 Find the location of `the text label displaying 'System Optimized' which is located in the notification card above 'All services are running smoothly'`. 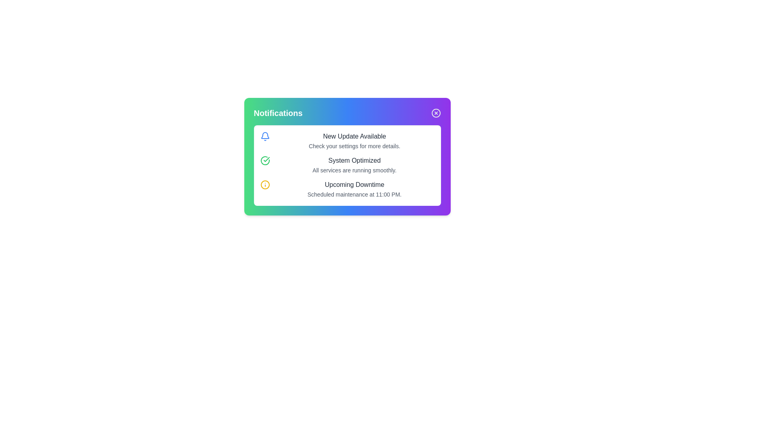

the text label displaying 'System Optimized' which is located in the notification card above 'All services are running smoothly' is located at coordinates (354, 160).